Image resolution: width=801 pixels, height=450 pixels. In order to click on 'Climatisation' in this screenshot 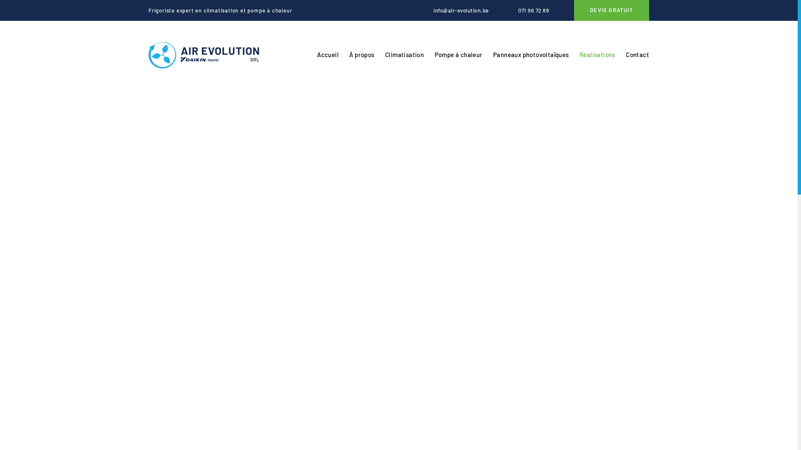, I will do `click(404, 55)`.